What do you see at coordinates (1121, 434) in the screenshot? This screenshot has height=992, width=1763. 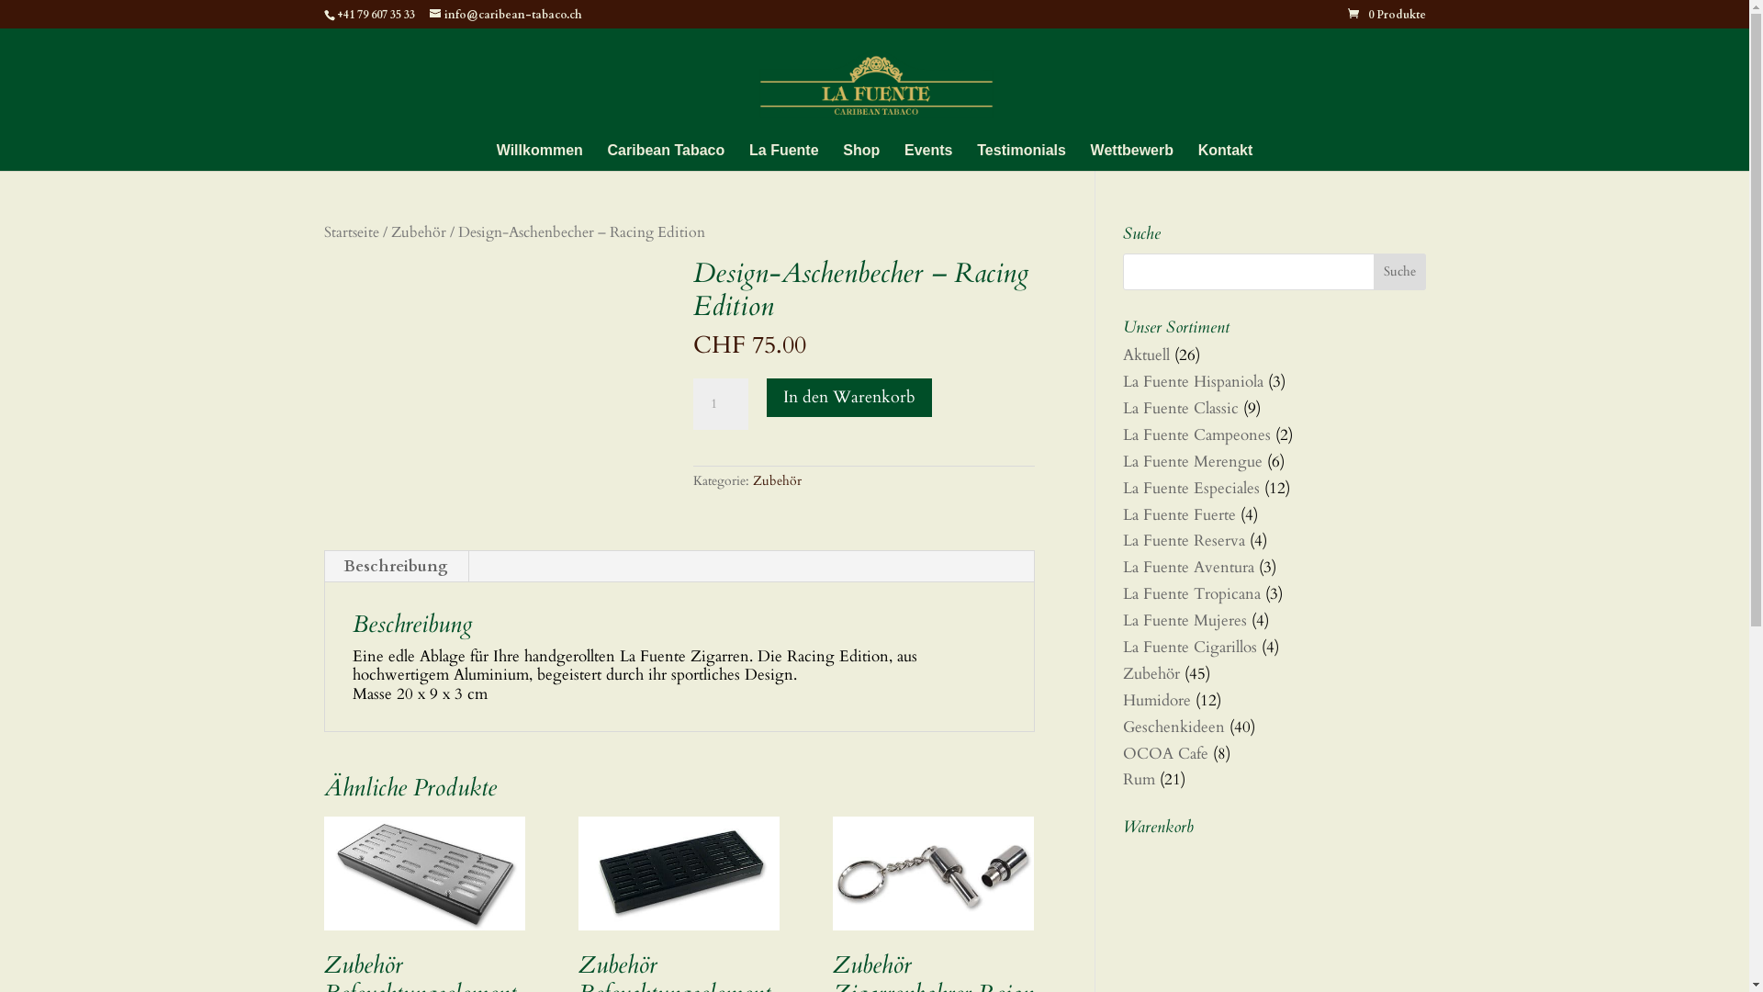 I see `'La Fuente Campeones'` at bounding box center [1121, 434].